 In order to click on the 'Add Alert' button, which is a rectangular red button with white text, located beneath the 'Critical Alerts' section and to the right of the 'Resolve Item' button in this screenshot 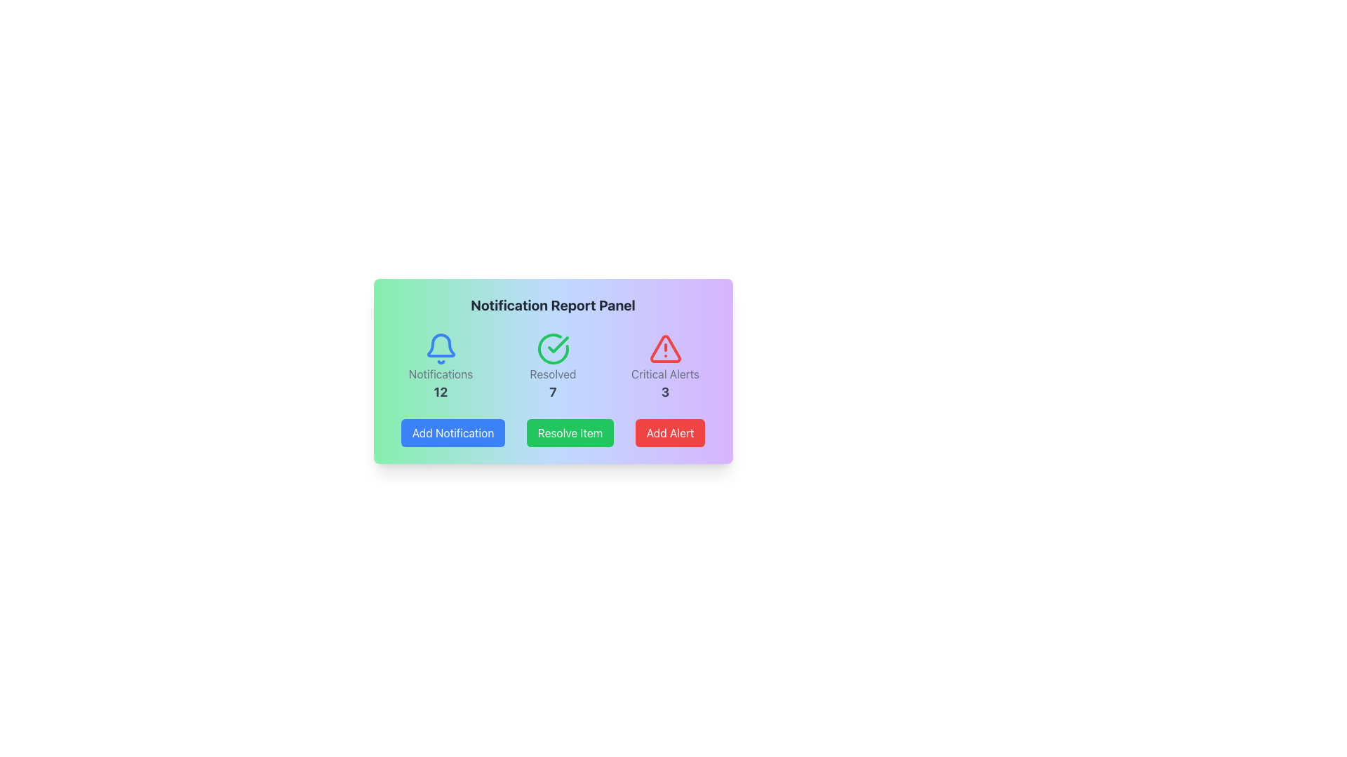, I will do `click(669, 432)`.